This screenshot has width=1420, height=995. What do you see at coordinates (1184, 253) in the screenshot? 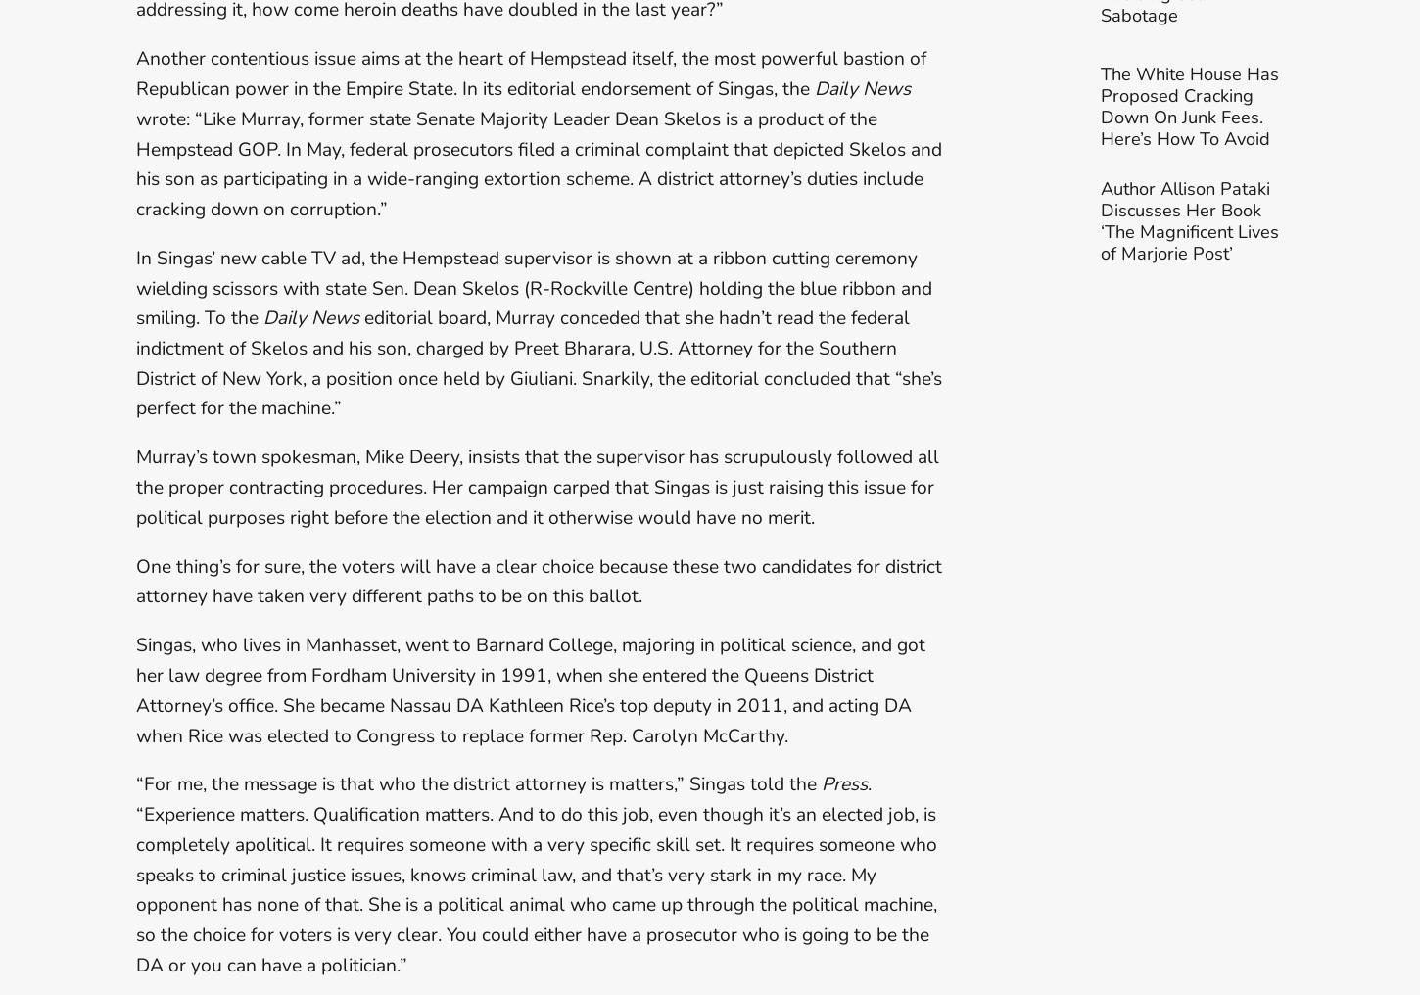
I see `'Author Allison Pataki Discusses Her Book ‘The'` at bounding box center [1184, 253].